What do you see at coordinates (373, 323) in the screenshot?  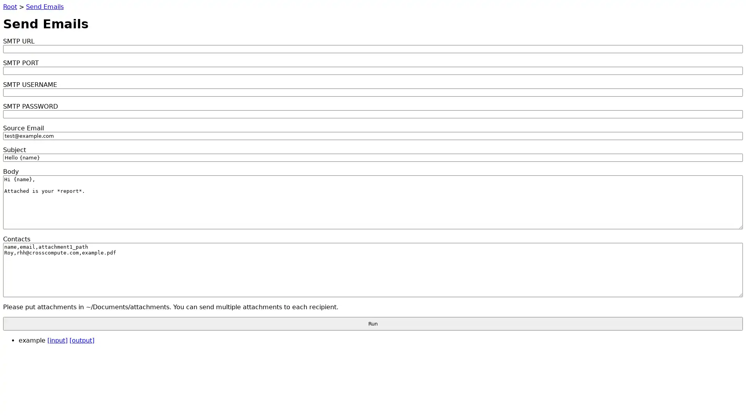 I see `Run` at bounding box center [373, 323].